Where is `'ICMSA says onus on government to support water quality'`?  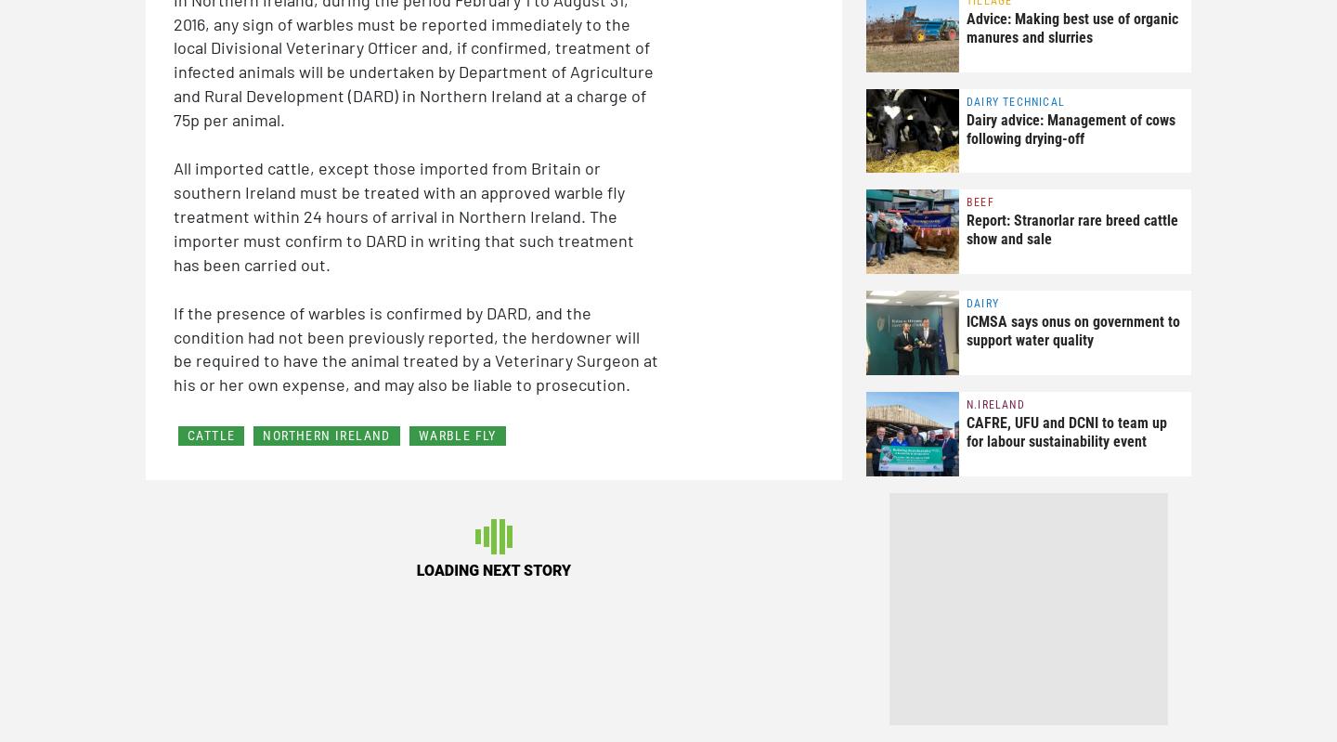 'ICMSA says onus on government to support water quality' is located at coordinates (1073, 330).